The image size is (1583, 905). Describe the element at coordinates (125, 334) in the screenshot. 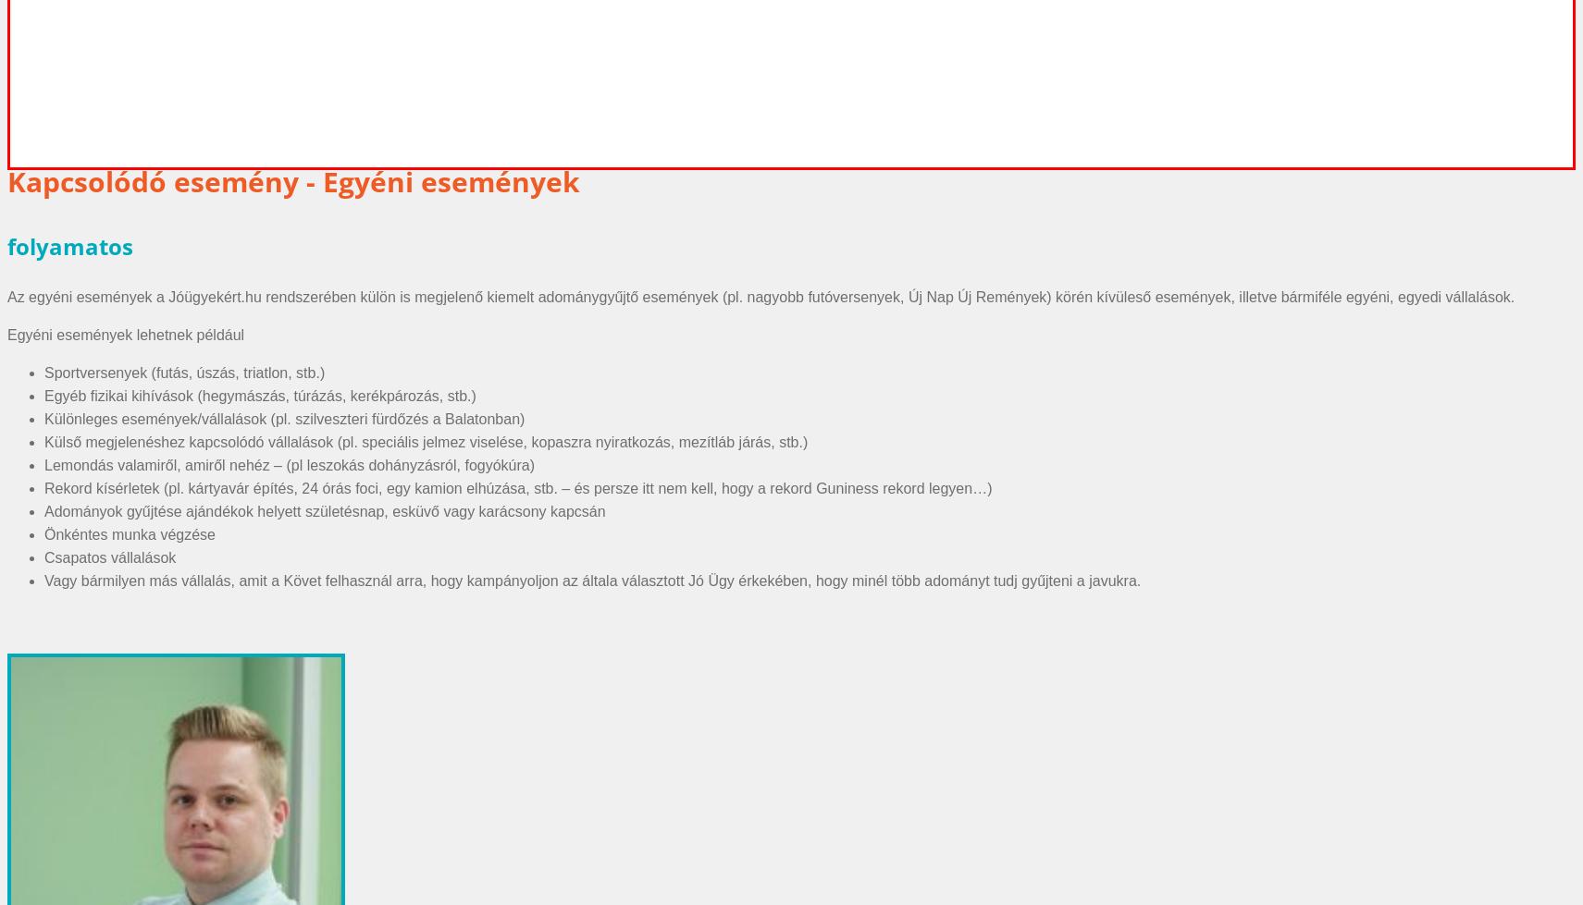

I see `'Egyéni események lehetnek például'` at that location.